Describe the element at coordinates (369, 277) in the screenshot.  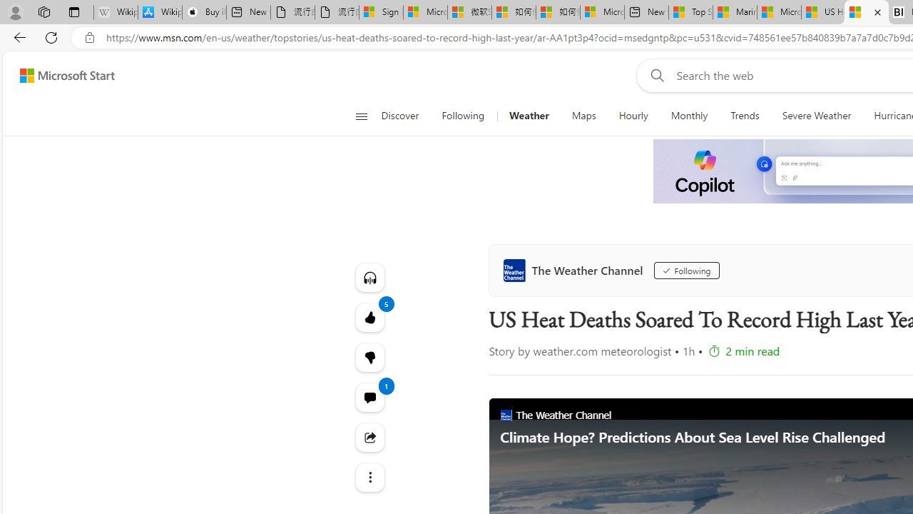
I see `'Listen to this article'` at that location.